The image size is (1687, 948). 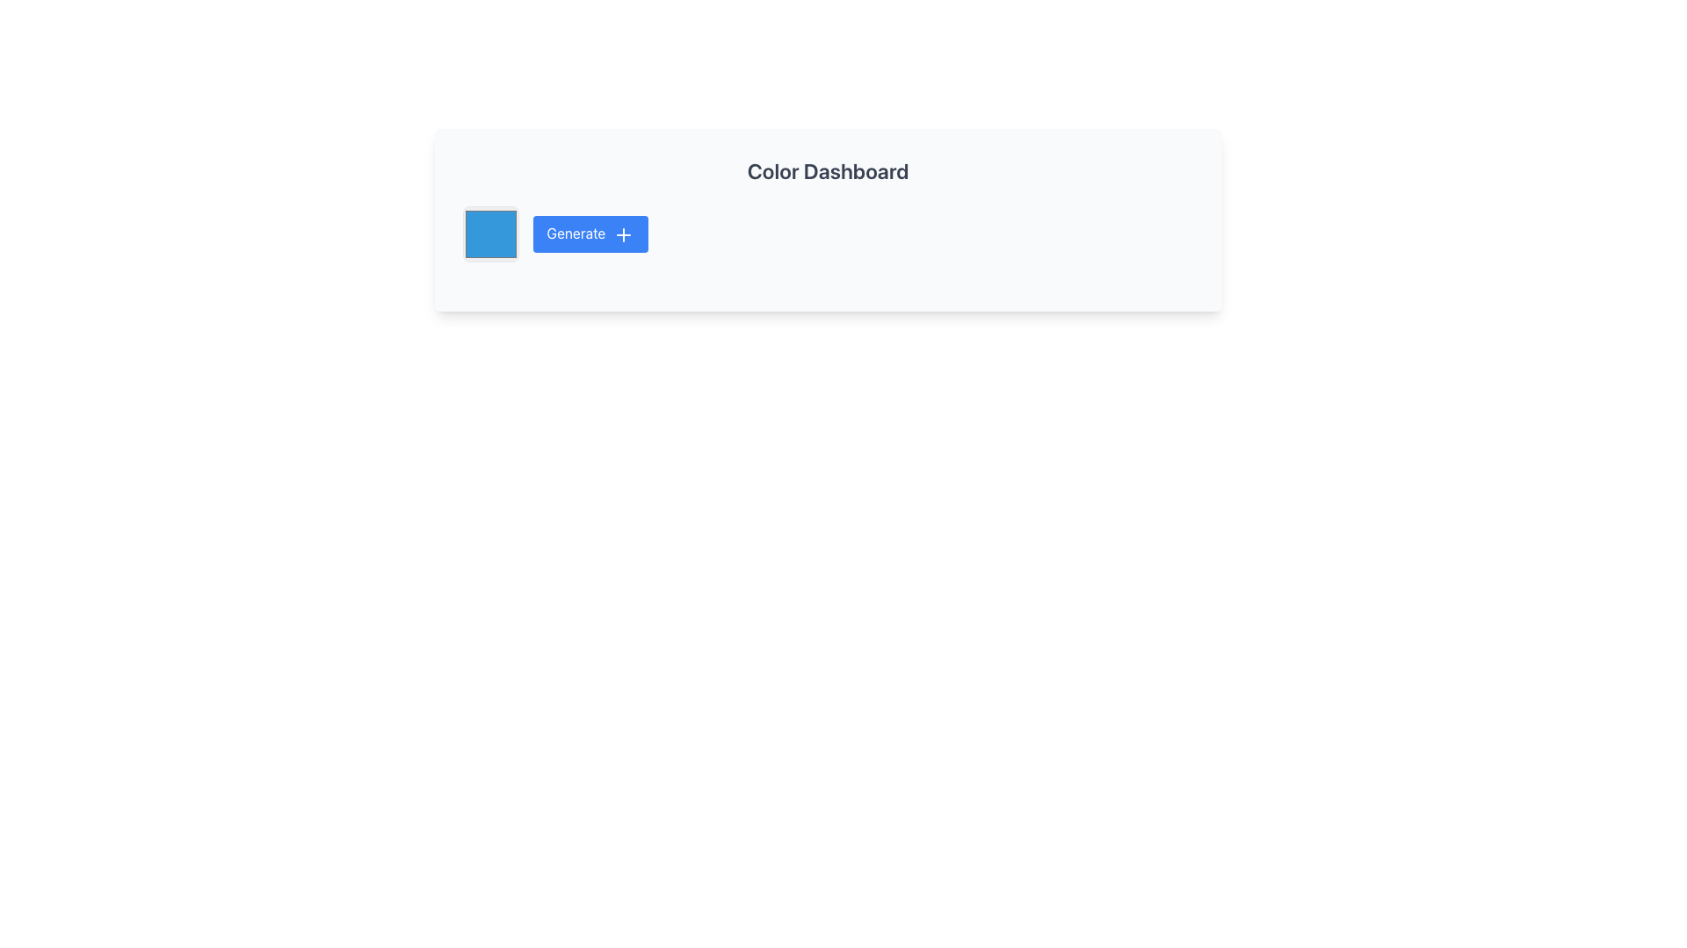 I want to click on the blue rectangular button labeled 'Generate' with a '+' icon for keyboard interaction, so click(x=590, y=233).